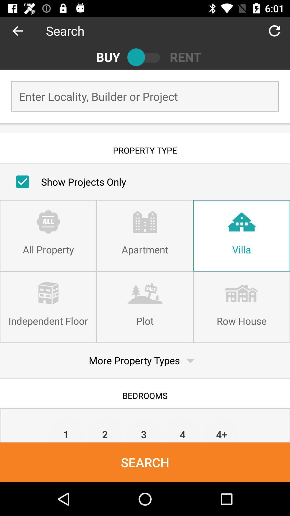  I want to click on item next to the 2 item, so click(143, 429).